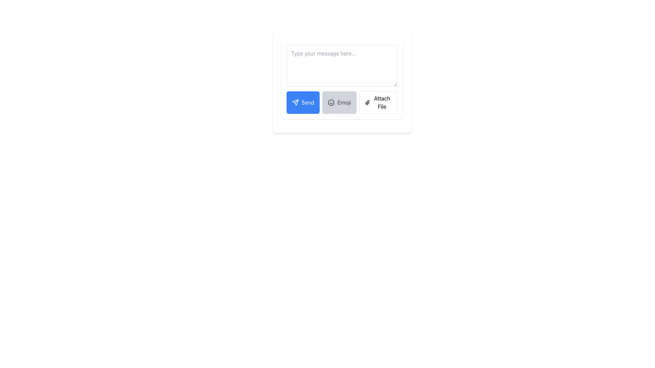 This screenshot has width=655, height=368. Describe the element at coordinates (295, 102) in the screenshot. I see `the graphical icon within the 'Send' button located in the bottom-left portion of the message input panel` at that location.